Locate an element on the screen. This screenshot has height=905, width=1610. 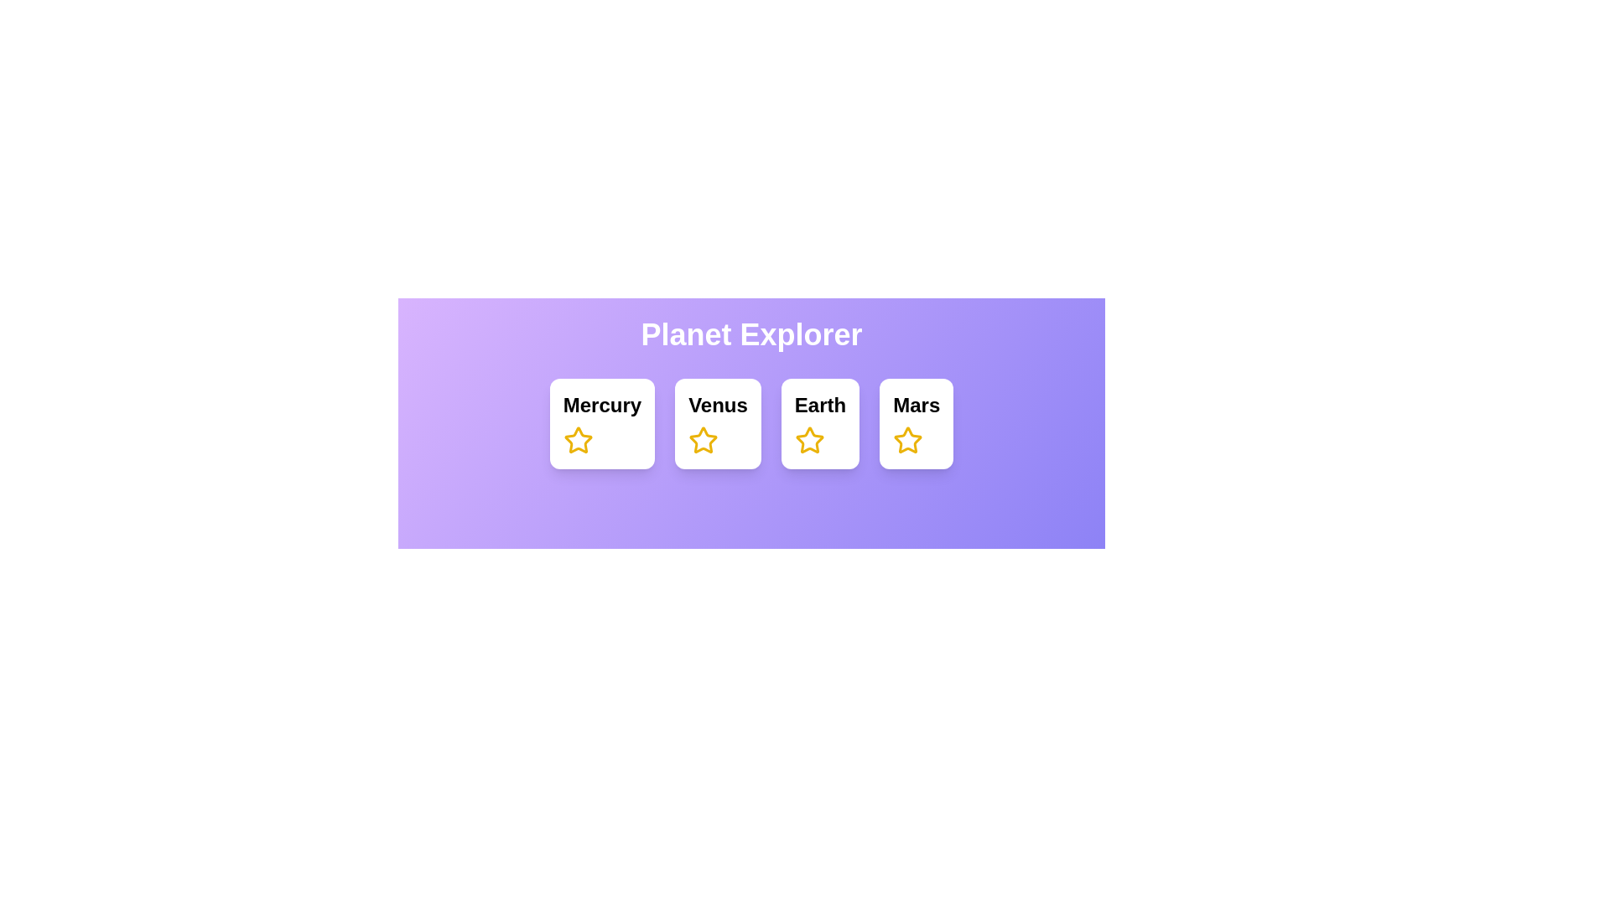
the star icon within the 'Mars' card in the 'Planet Explorer' section is located at coordinates (907, 439).